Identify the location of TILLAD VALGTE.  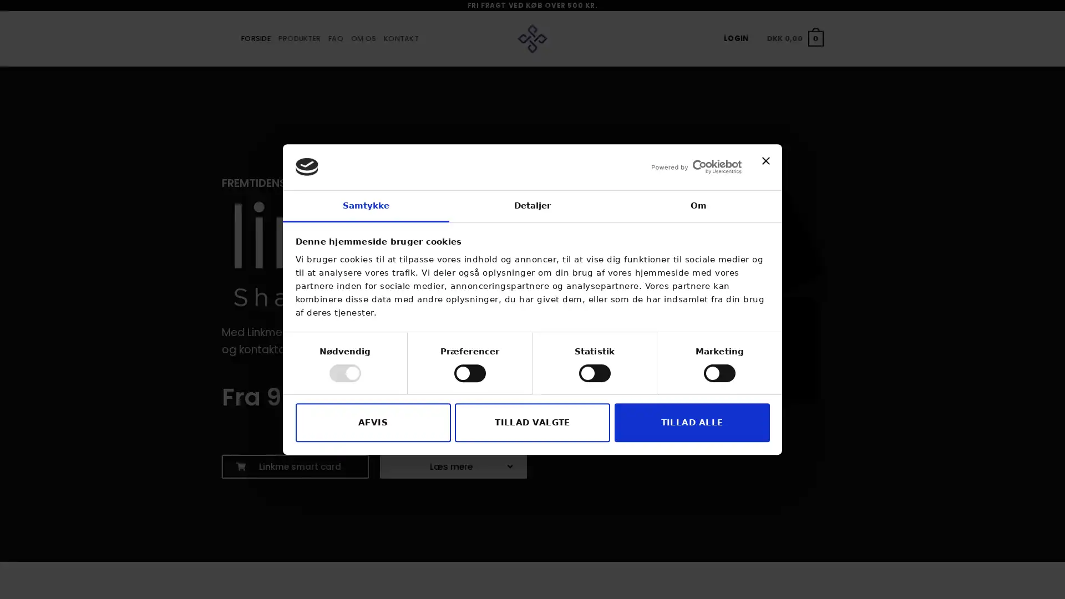
(532, 423).